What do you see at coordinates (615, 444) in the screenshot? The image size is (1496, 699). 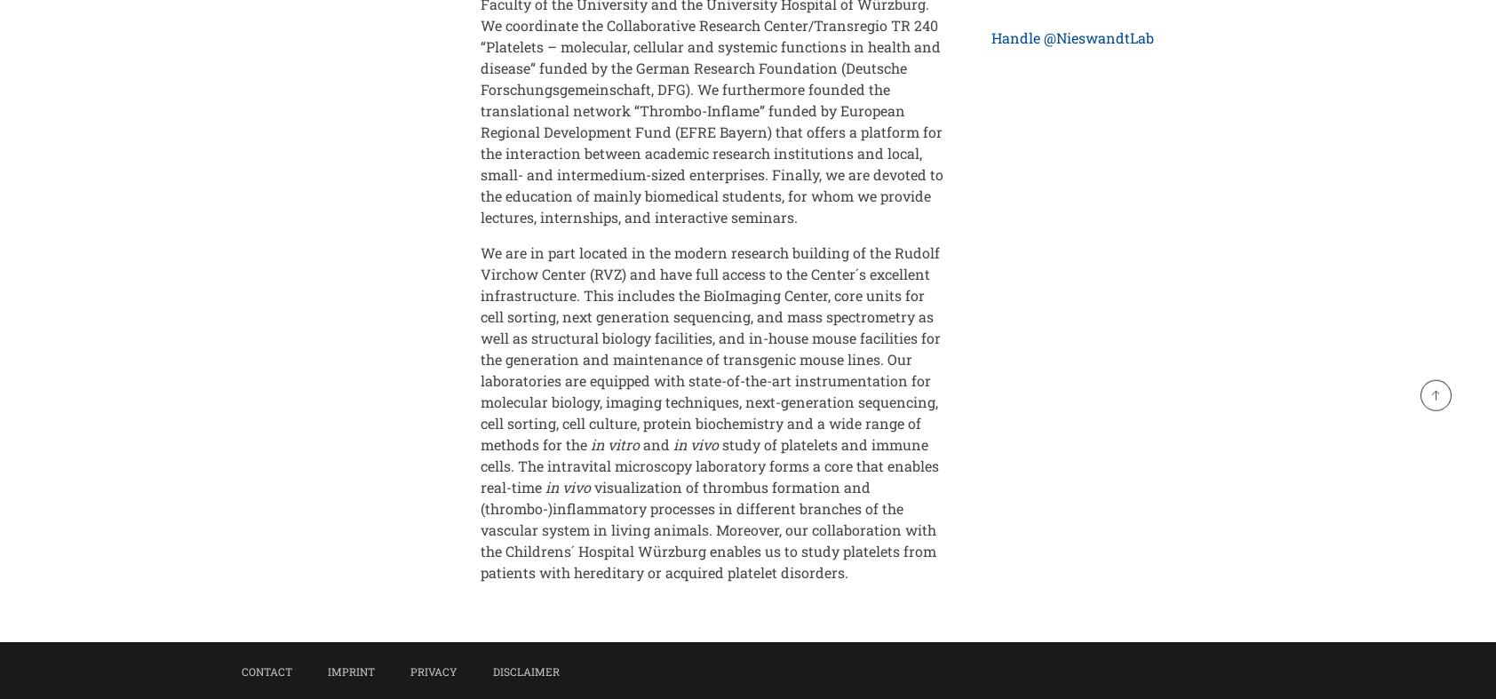 I see `'in vitro'` at bounding box center [615, 444].